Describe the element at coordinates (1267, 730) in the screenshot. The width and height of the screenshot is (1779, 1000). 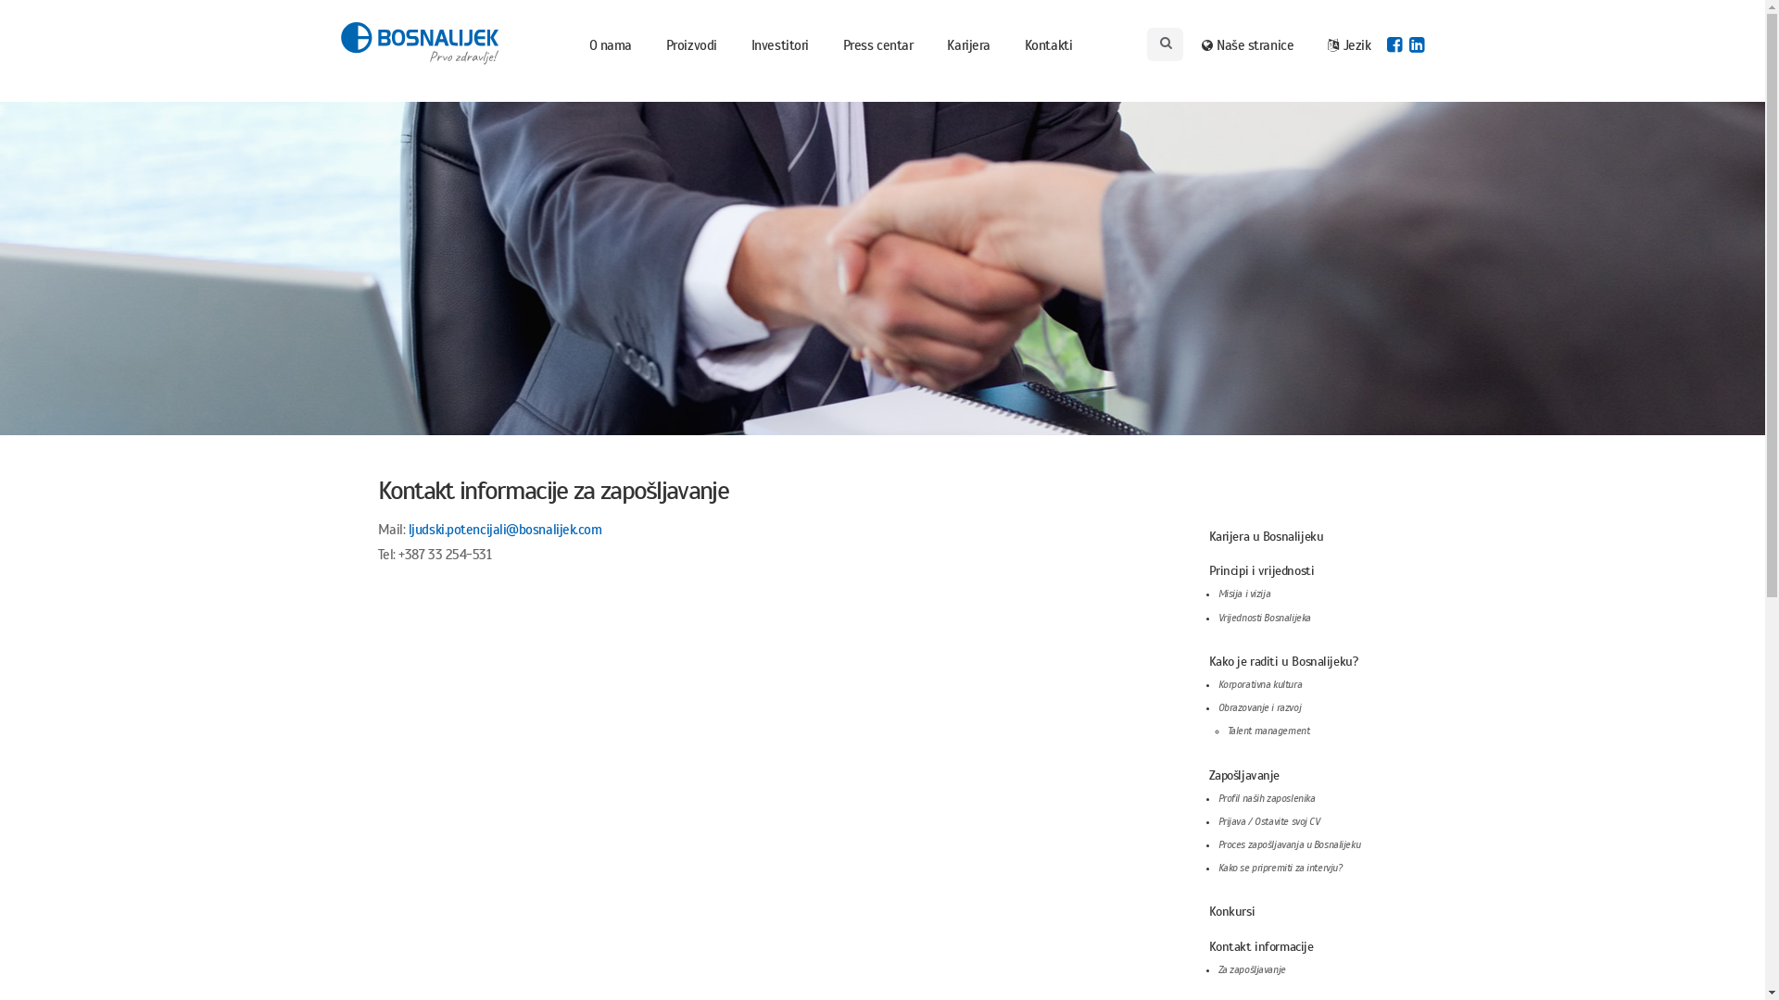
I see `'Talent management'` at that location.